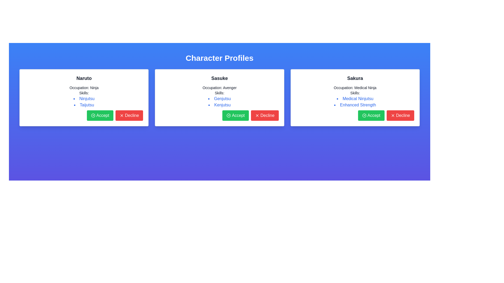  What do you see at coordinates (219, 97) in the screenshot?
I see `detailed information about the character Sasuke's occupation and skills located in the central card below the header text 'Sasuke'` at bounding box center [219, 97].